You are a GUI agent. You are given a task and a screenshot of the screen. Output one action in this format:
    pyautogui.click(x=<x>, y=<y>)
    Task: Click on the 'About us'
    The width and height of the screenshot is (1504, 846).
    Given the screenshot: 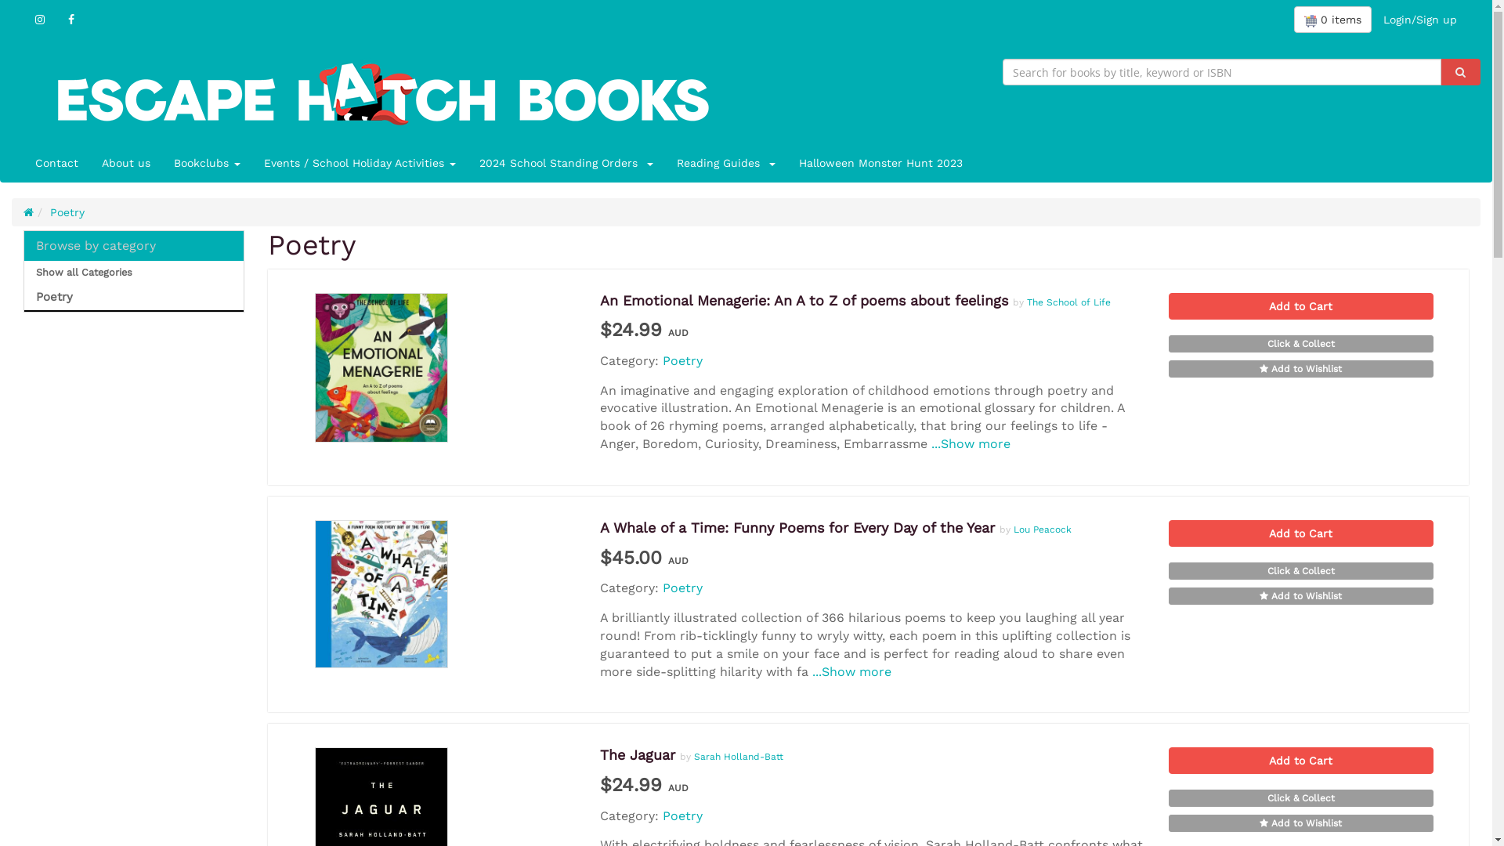 What is the action you would take?
    pyautogui.click(x=126, y=163)
    